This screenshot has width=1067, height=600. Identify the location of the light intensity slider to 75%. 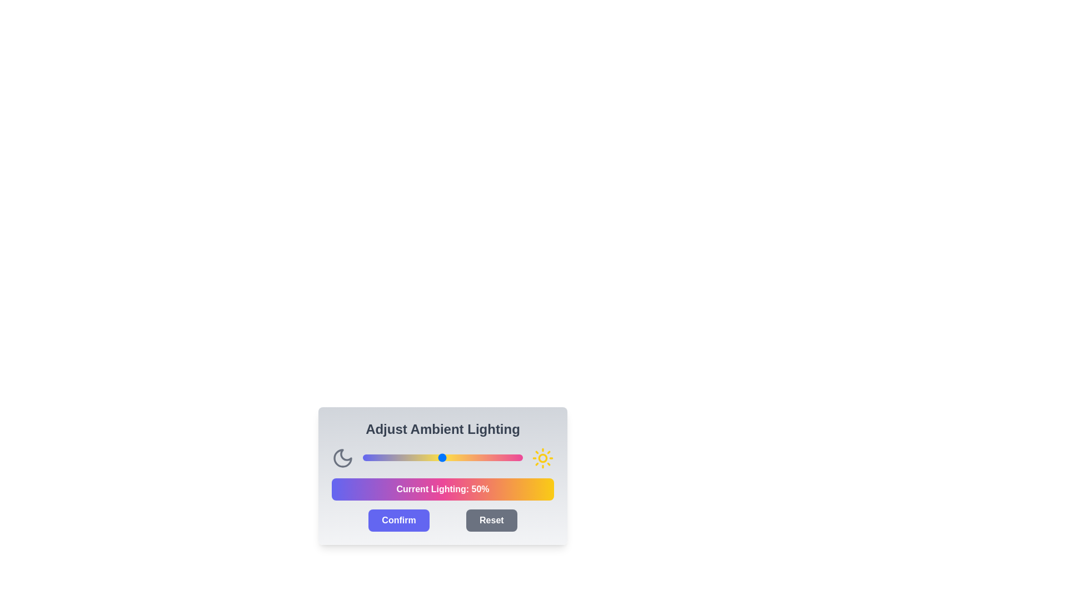
(482, 458).